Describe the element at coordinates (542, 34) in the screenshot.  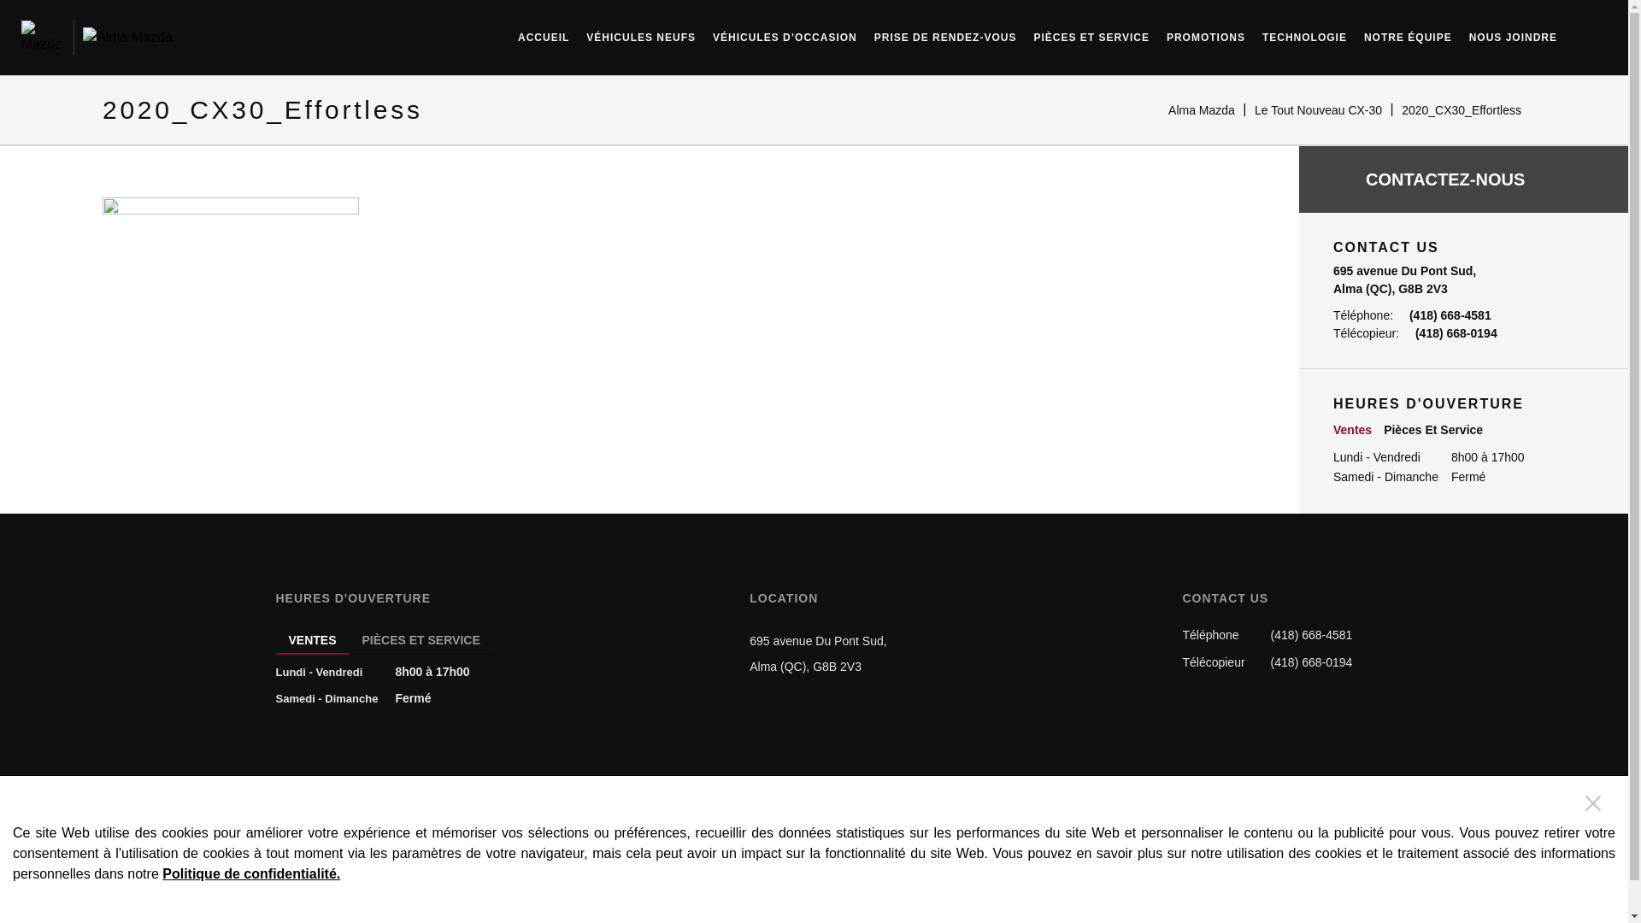
I see `'ACCUEIL'` at that location.